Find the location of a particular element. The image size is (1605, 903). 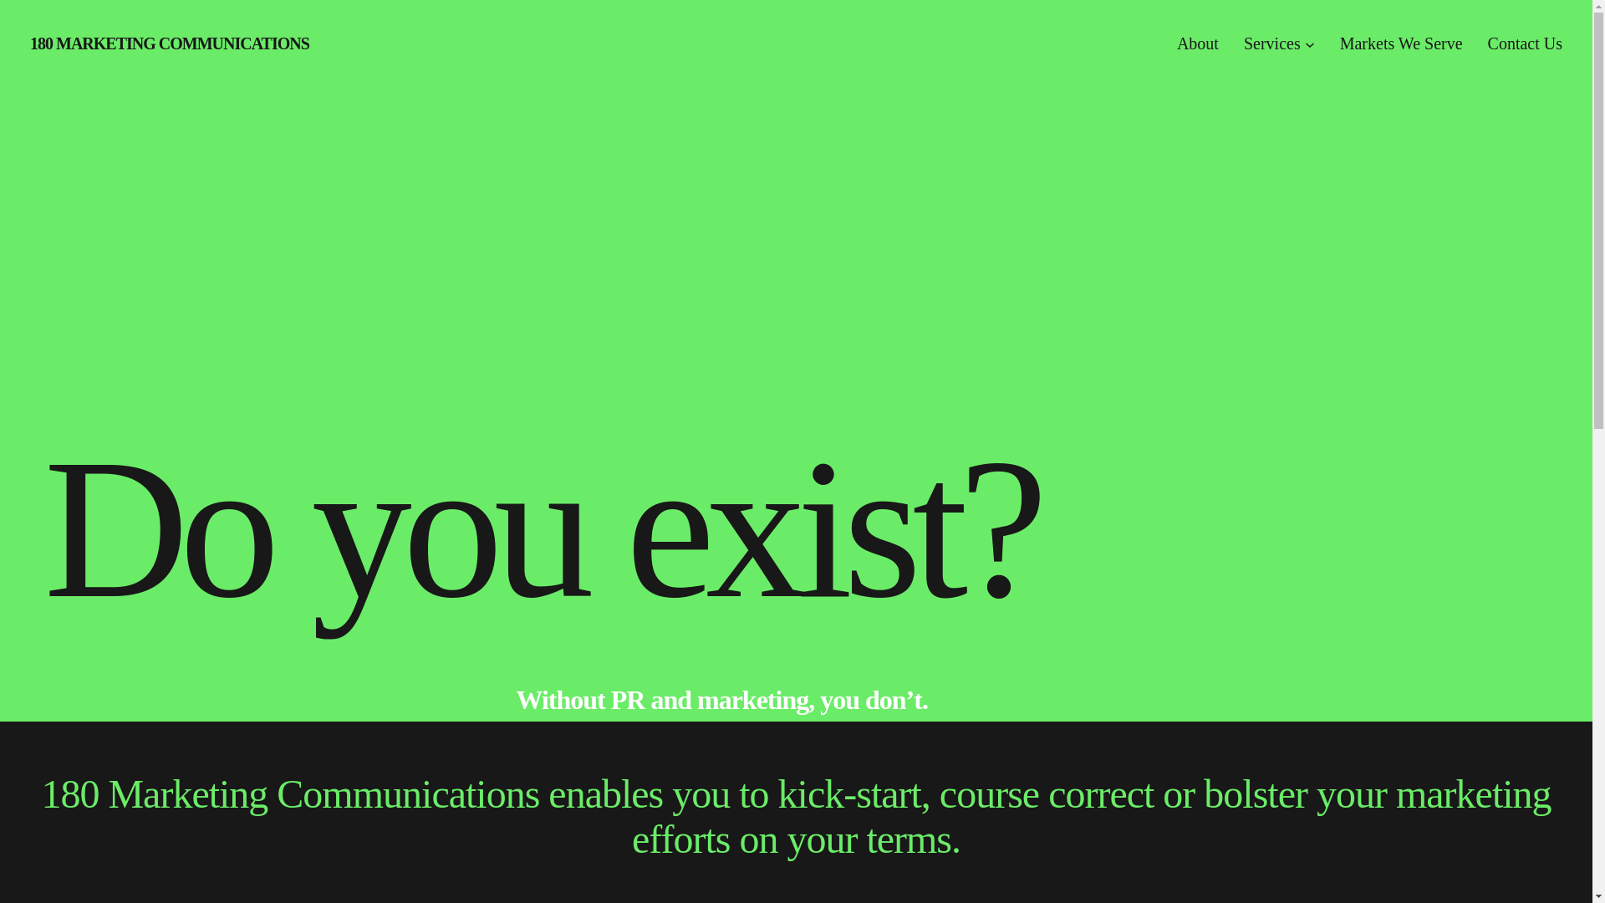

'Contact Us' is located at coordinates (1525, 42).